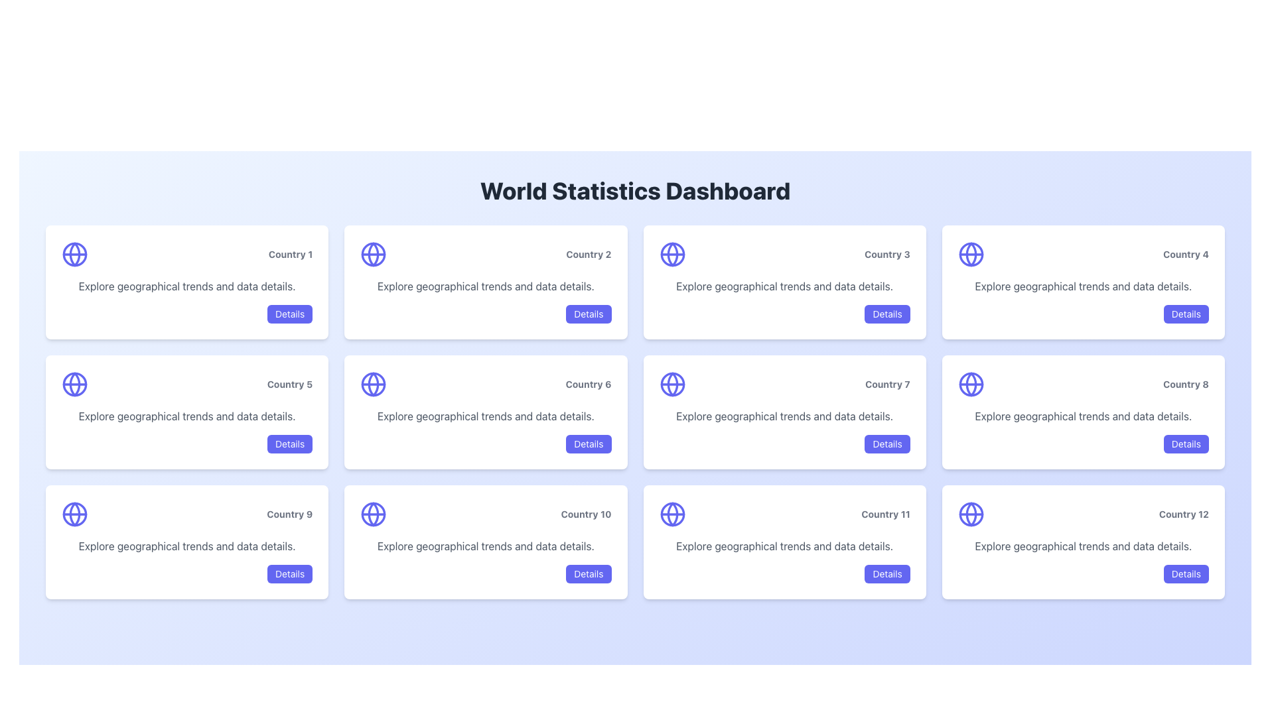 The width and height of the screenshot is (1274, 716). What do you see at coordinates (289, 444) in the screenshot?
I see `the button located at the bottom right corner of the 'Country 5' card` at bounding box center [289, 444].